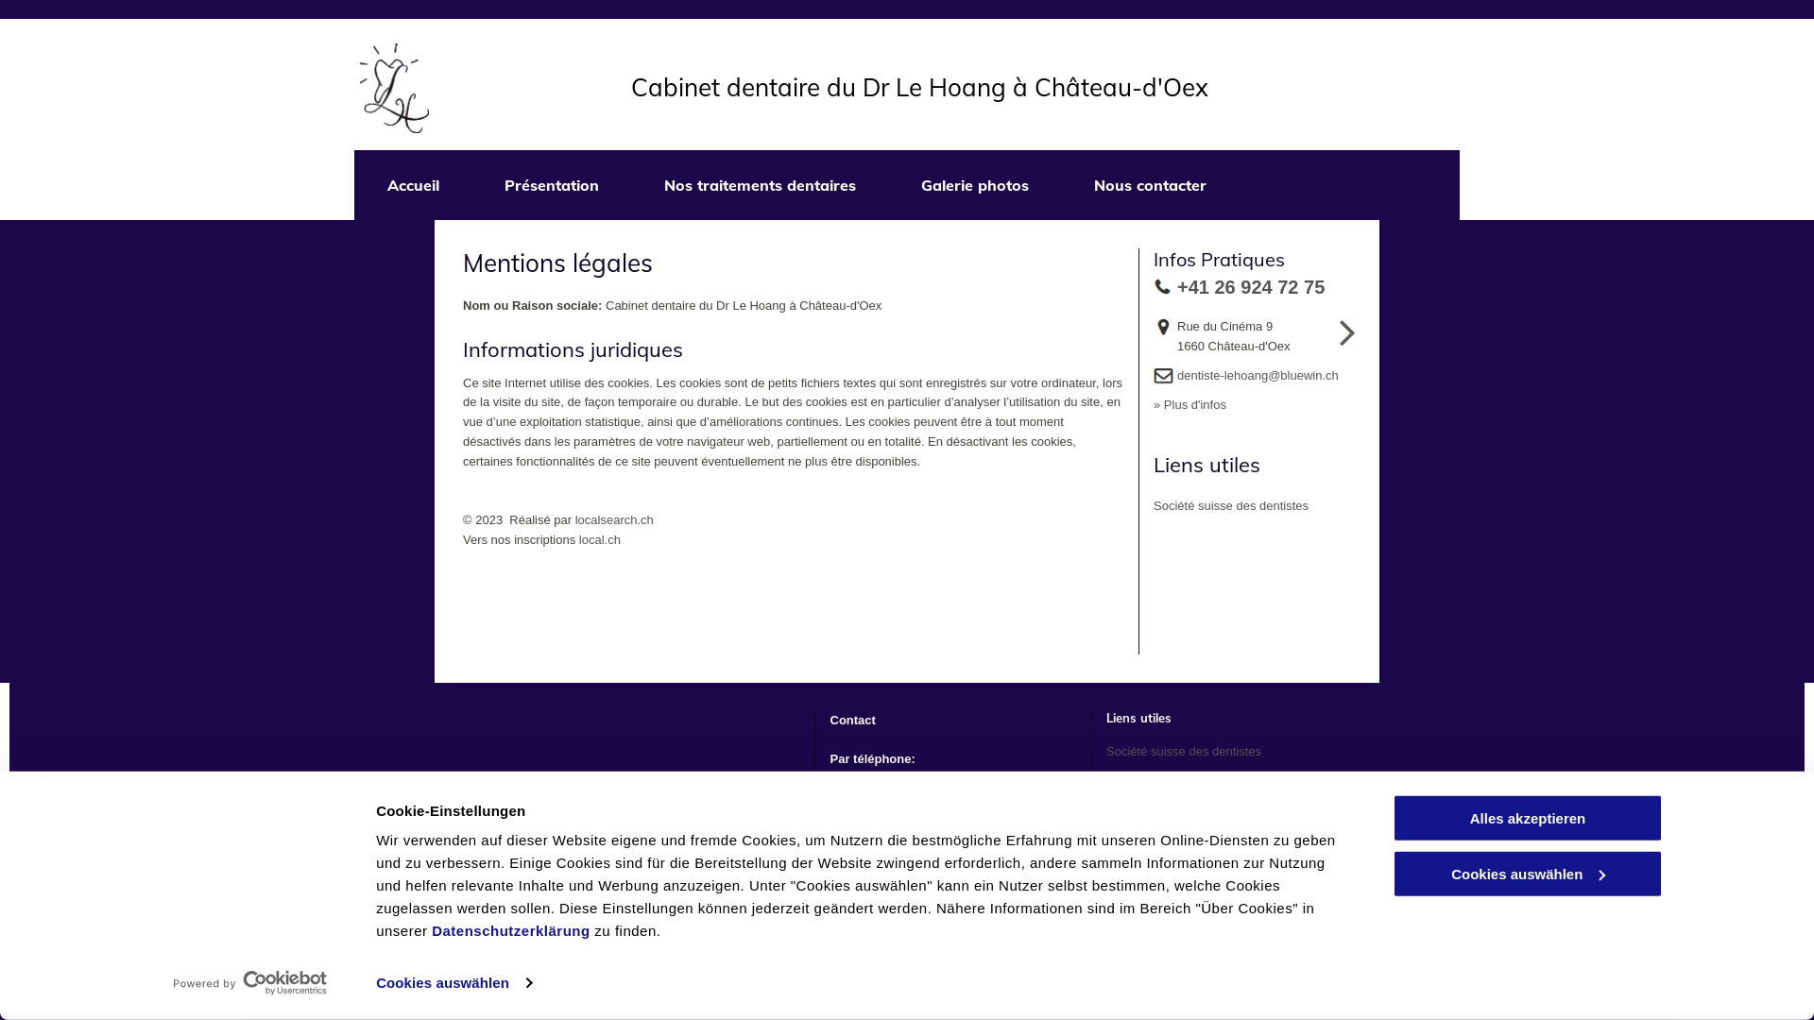  What do you see at coordinates (411, 185) in the screenshot?
I see `'Accueil'` at bounding box center [411, 185].